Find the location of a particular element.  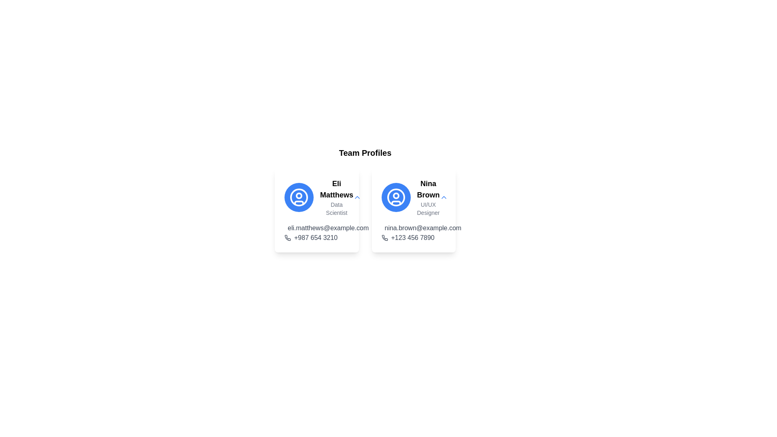

the Text Label that displays the user's identity in the top left profile card of the 'Team Profiles' section is located at coordinates (336, 189).